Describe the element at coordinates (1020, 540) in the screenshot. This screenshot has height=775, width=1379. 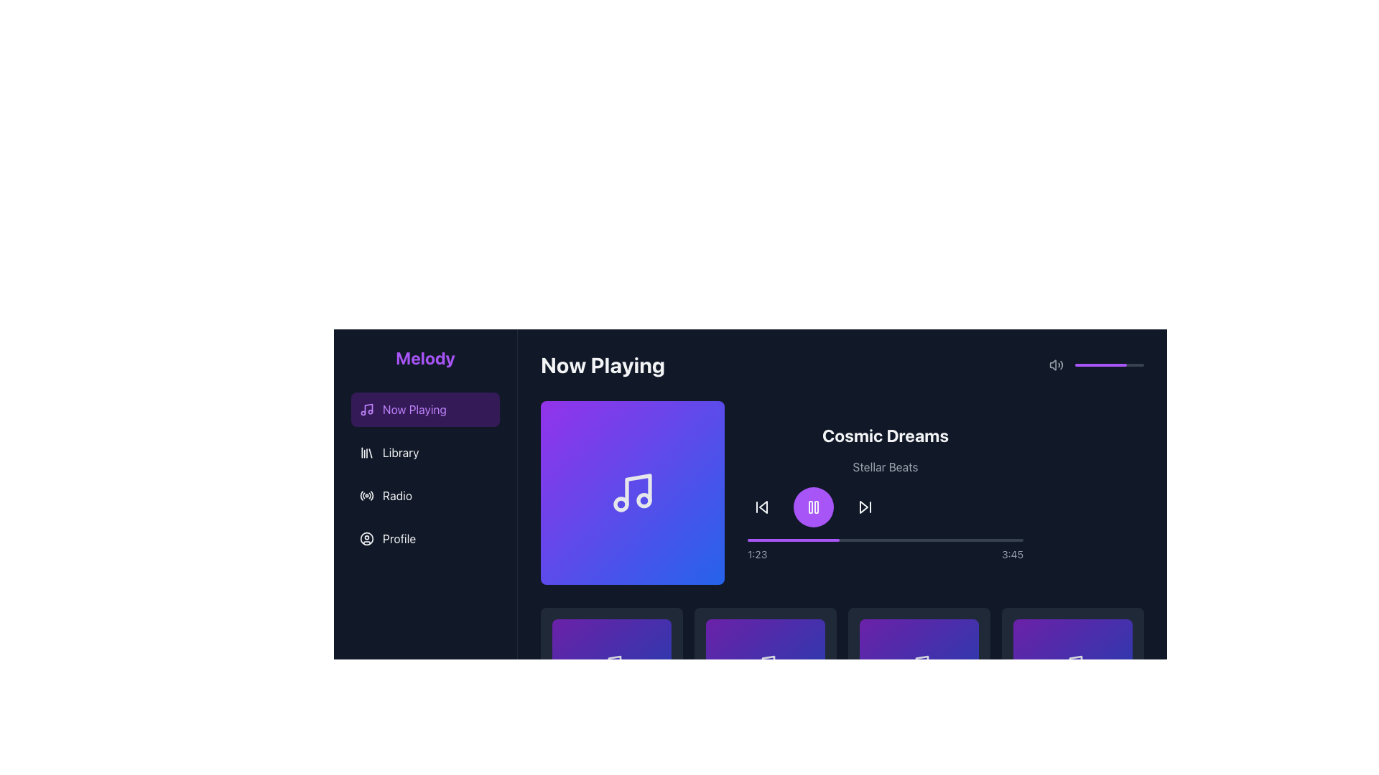
I see `the playback progress` at that location.